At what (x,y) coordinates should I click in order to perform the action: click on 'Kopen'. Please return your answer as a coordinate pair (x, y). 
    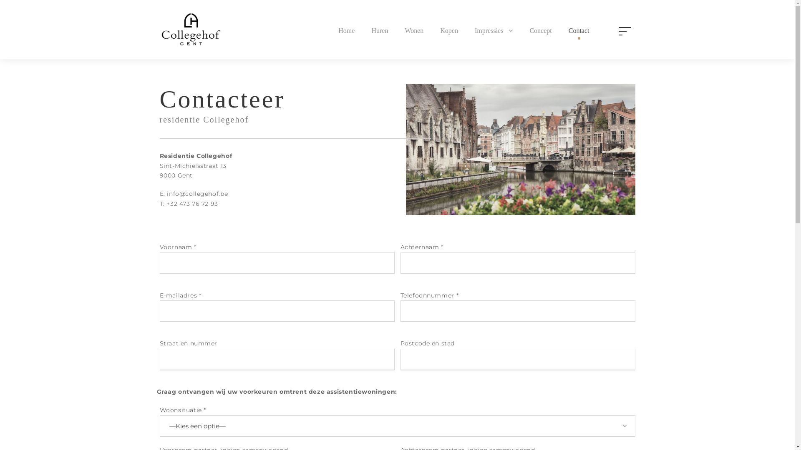
    Looking at the image, I should click on (448, 32).